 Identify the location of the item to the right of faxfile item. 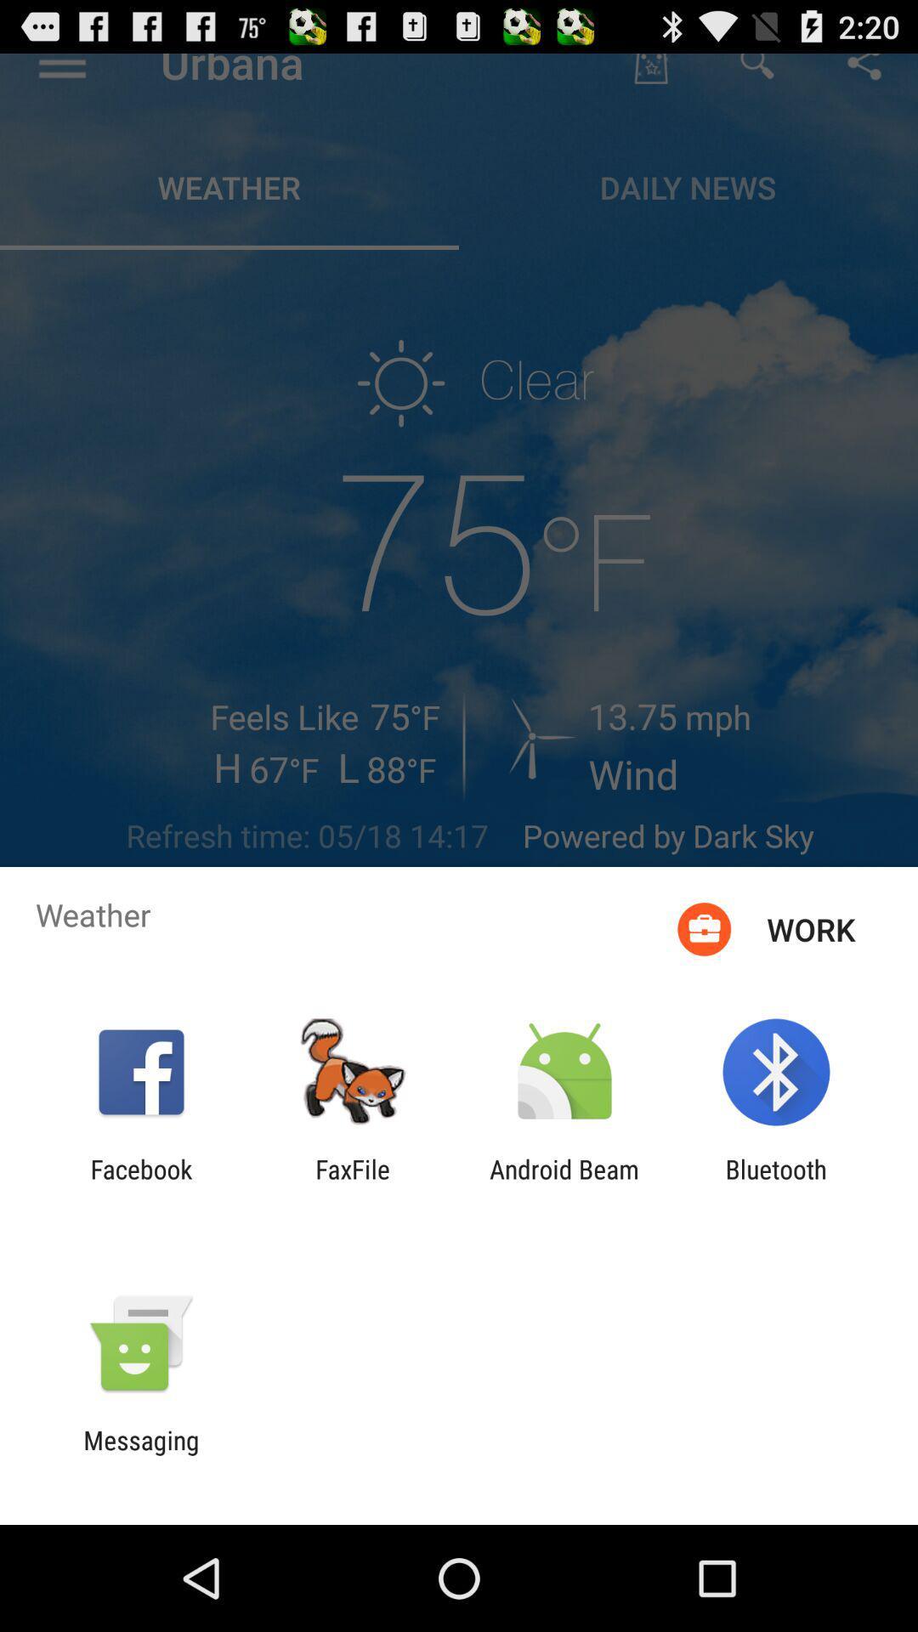
(564, 1183).